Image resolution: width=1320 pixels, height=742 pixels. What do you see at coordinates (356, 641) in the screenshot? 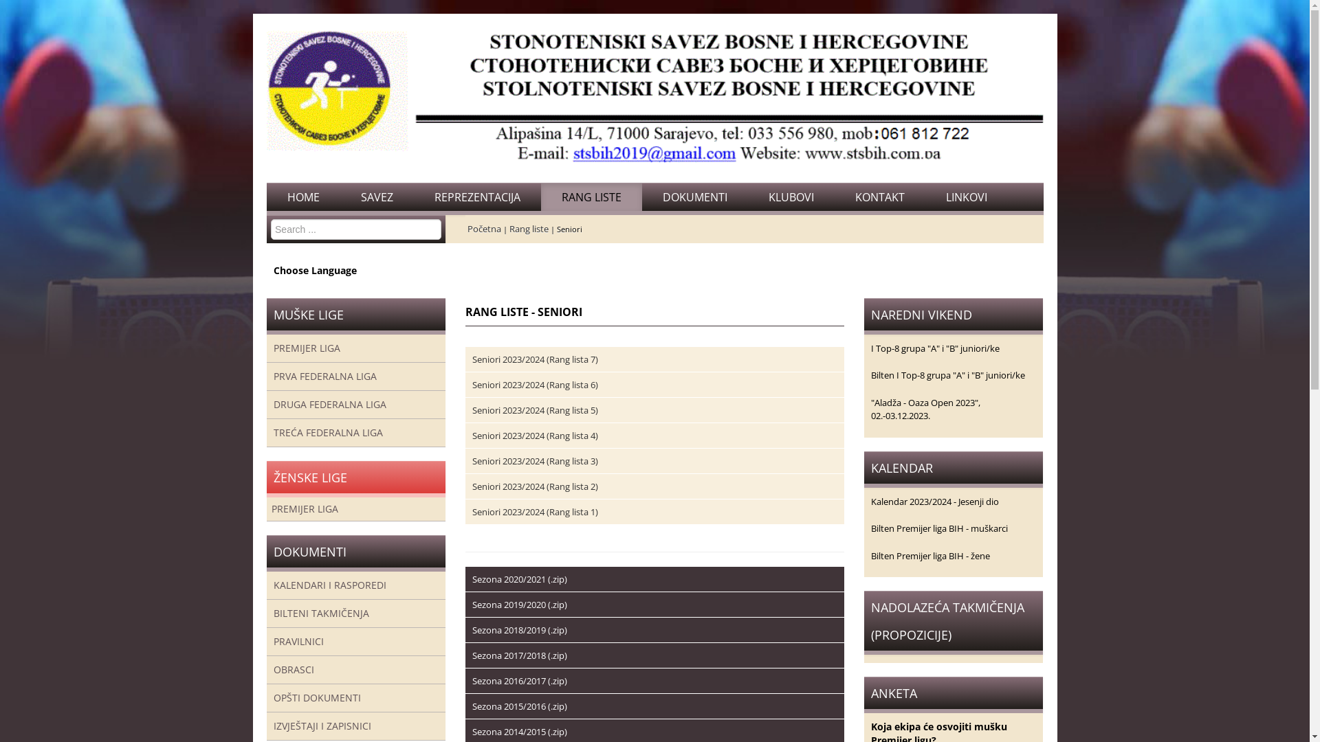
I see `'PRAVILNICI'` at bounding box center [356, 641].